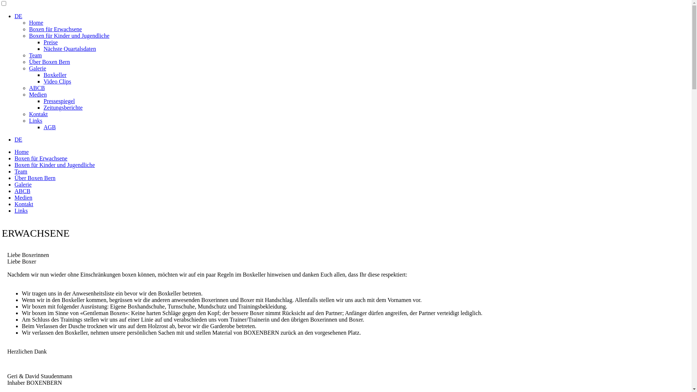 The height and width of the screenshot is (392, 697). I want to click on 'Kontakt', so click(24, 204).